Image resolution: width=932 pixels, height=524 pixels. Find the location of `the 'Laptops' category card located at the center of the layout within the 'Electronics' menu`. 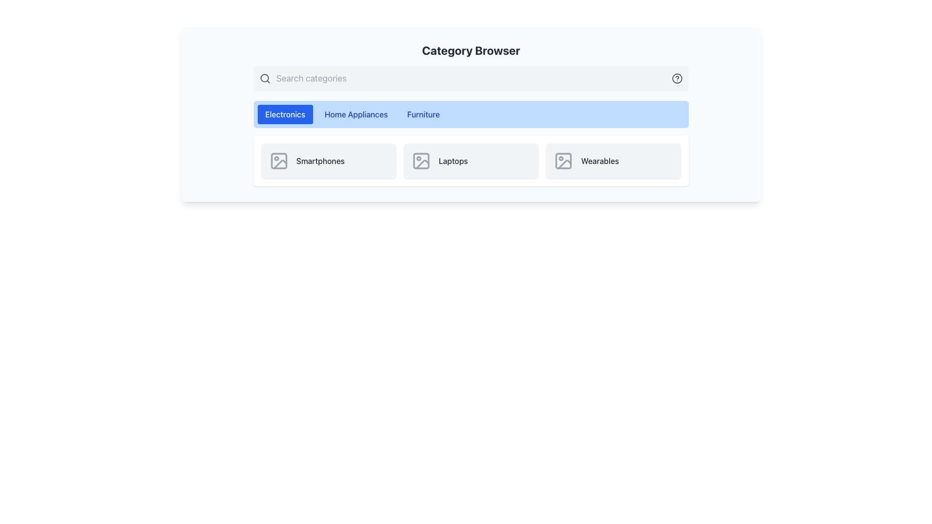

the 'Laptops' category card located at the center of the layout within the 'Electronics' menu is located at coordinates (471, 160).